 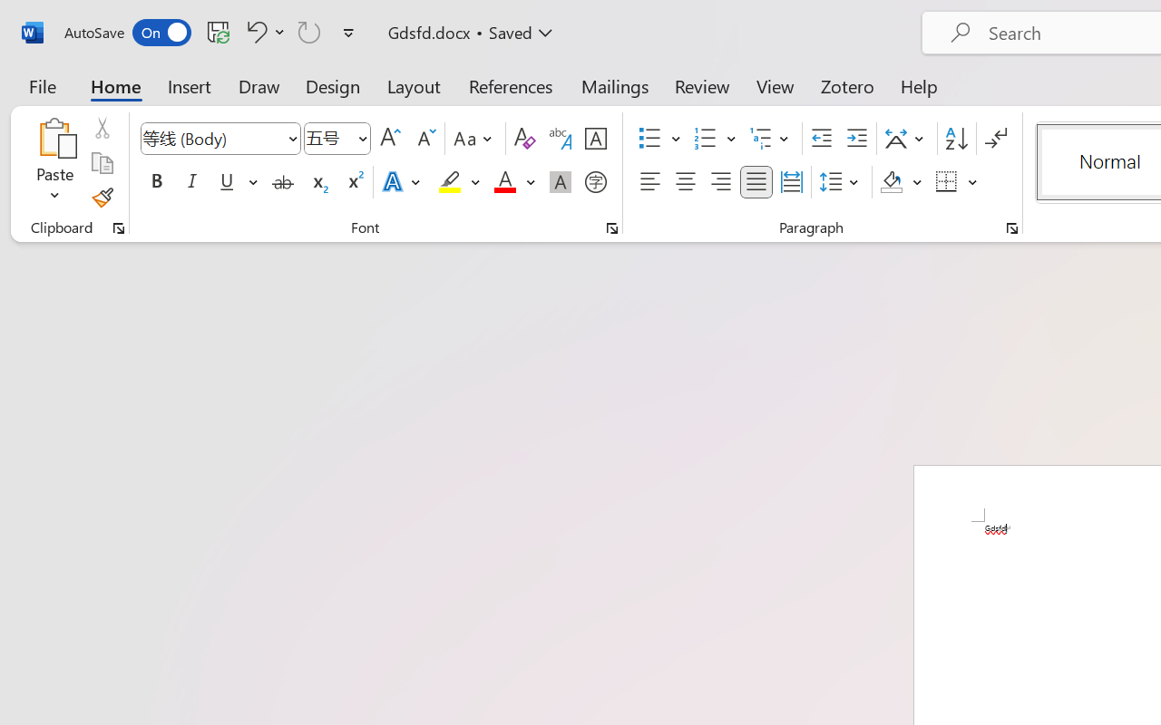 What do you see at coordinates (253, 31) in the screenshot?
I see `'Undo Apply Quick Style'` at bounding box center [253, 31].